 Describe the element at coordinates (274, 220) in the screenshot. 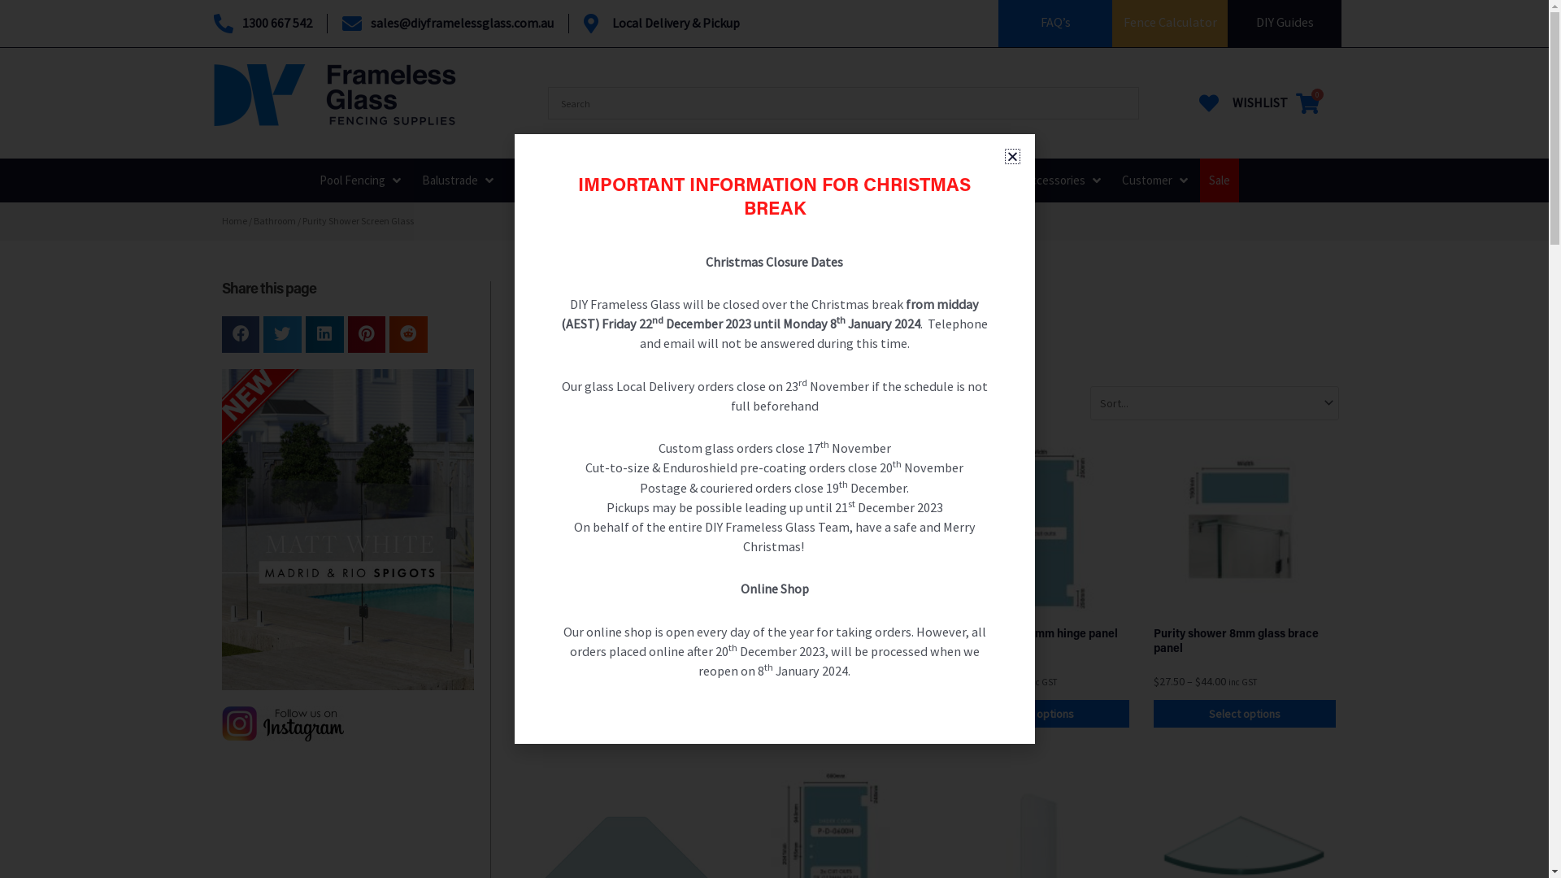

I see `'Bathroom'` at that location.